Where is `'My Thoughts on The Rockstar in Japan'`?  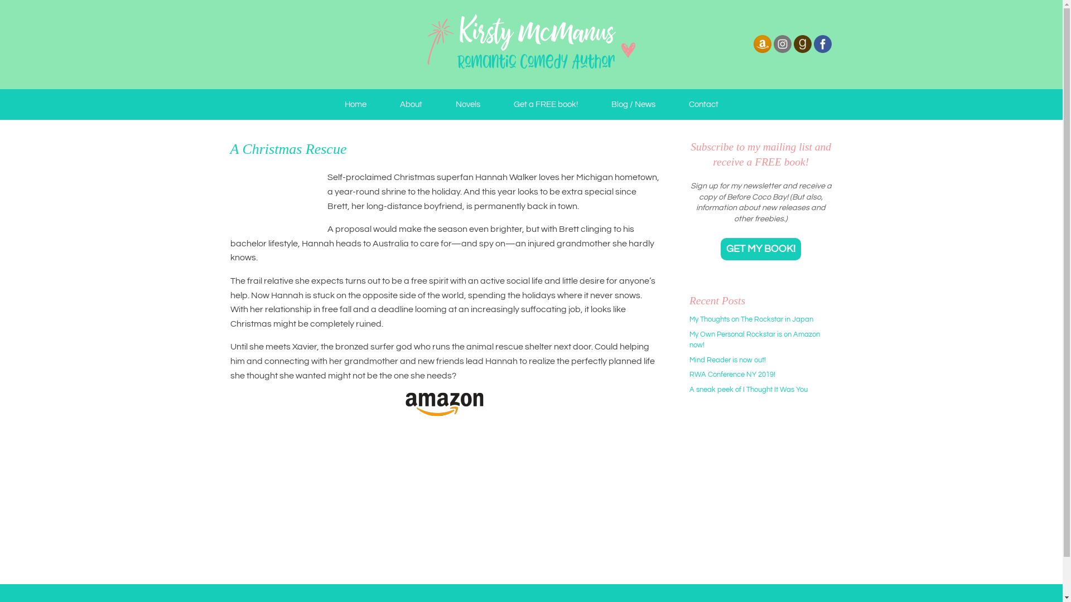
'My Thoughts on The Rockstar in Japan' is located at coordinates (751, 319).